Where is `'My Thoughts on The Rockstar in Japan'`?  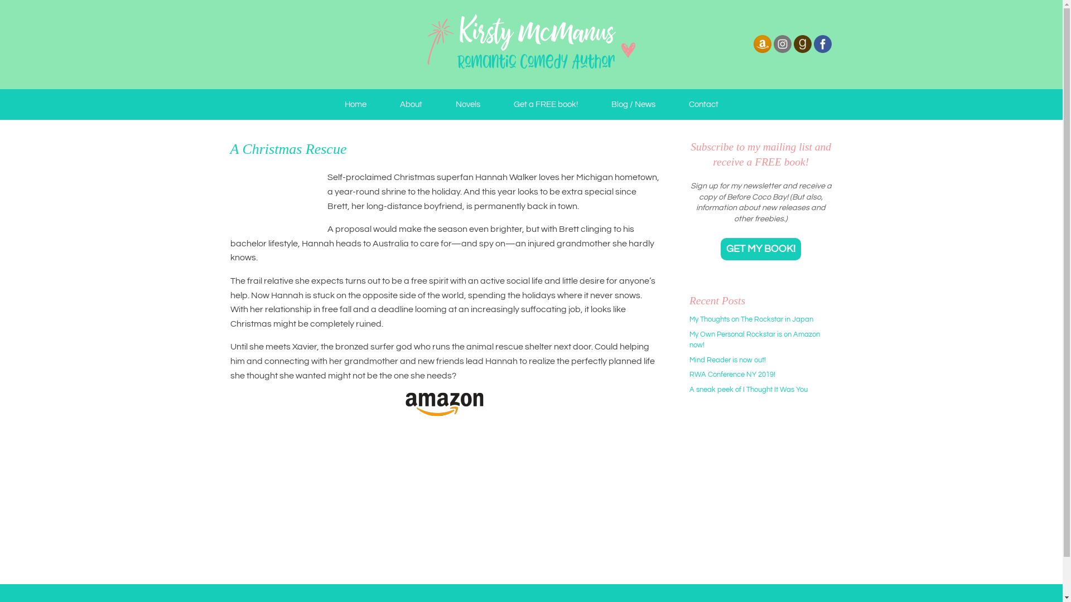
'My Thoughts on The Rockstar in Japan' is located at coordinates (751, 319).